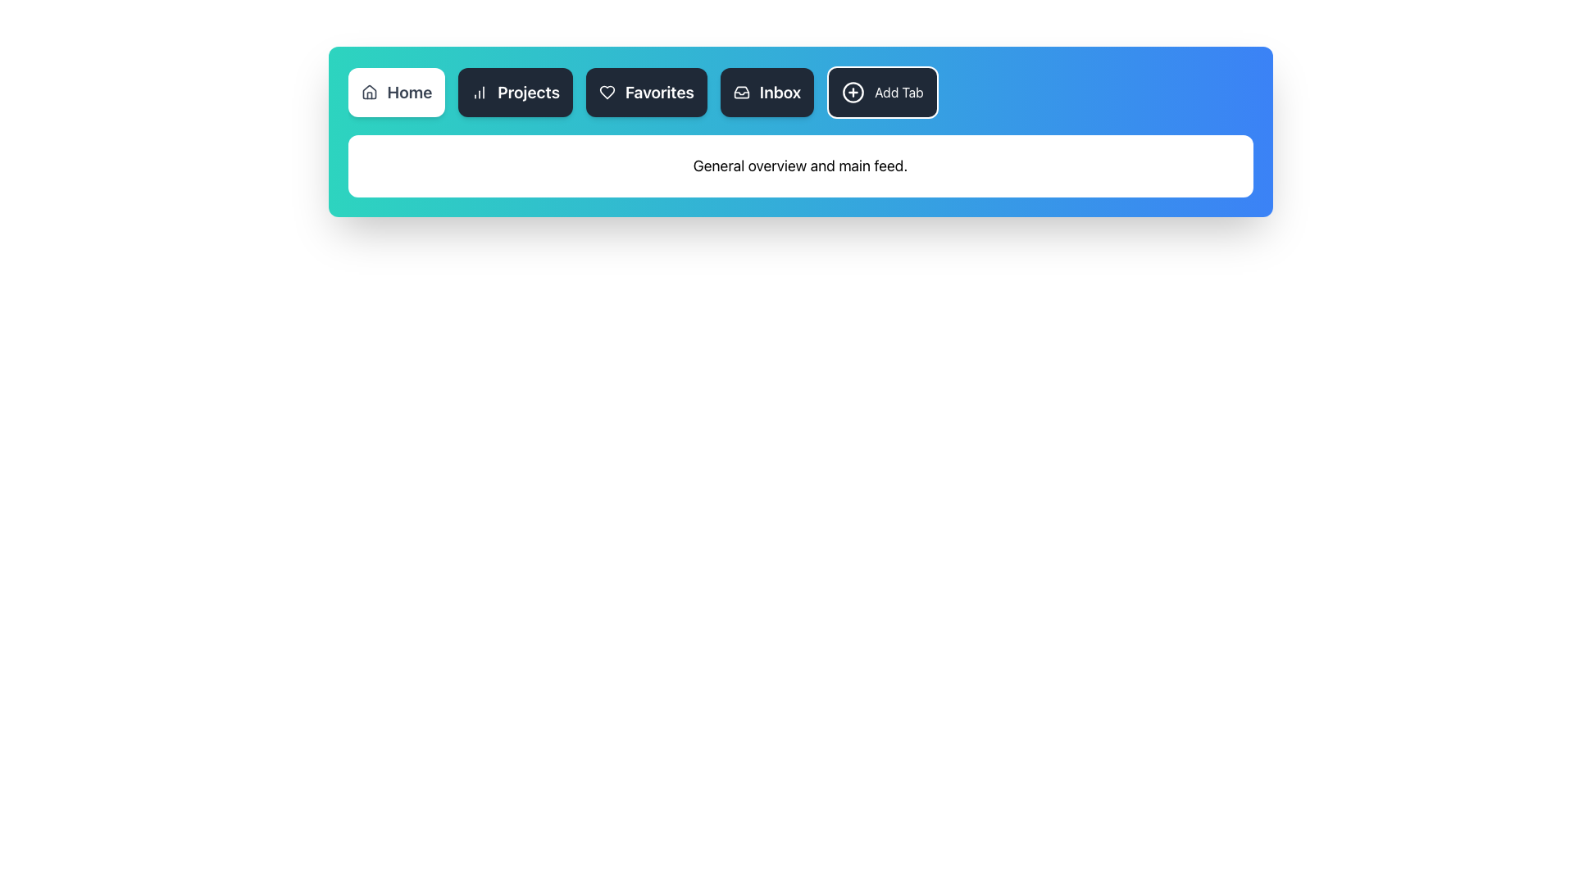 This screenshot has width=1574, height=885. I want to click on the 'Favorites' button, which is a textual label in bold on a dark background, located in the navigation menu, so click(659, 92).